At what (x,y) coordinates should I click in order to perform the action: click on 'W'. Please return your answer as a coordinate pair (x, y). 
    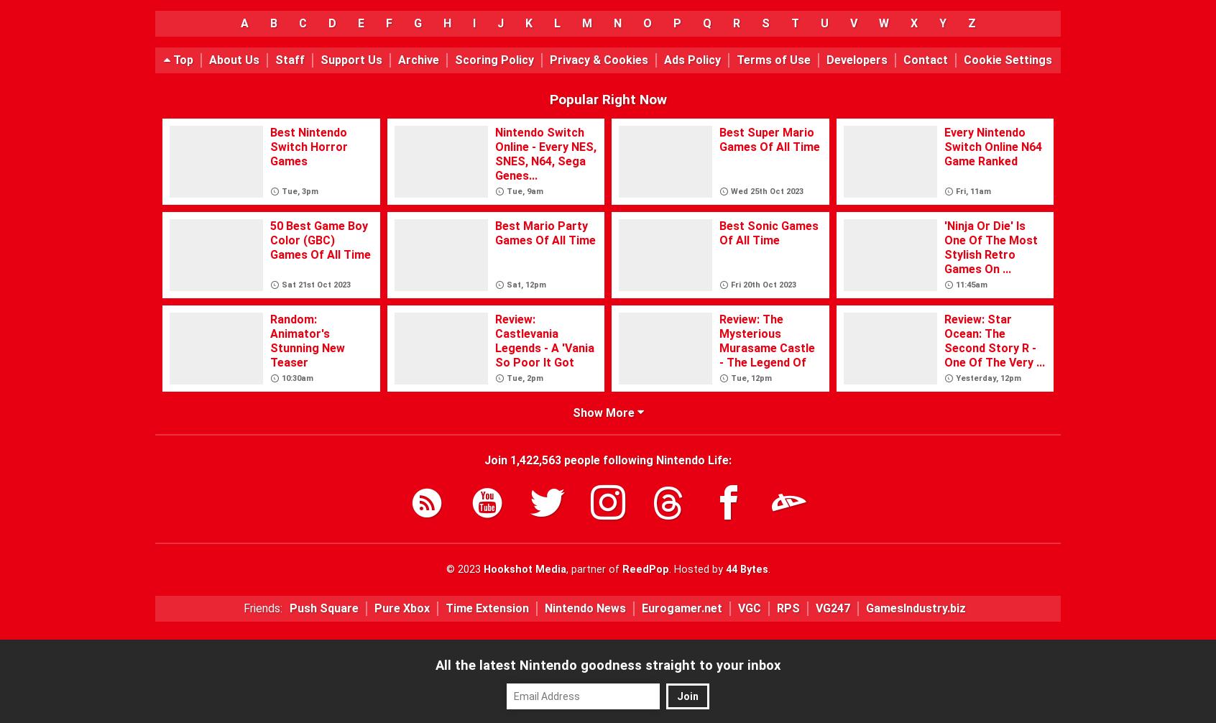
    Looking at the image, I should click on (883, 23).